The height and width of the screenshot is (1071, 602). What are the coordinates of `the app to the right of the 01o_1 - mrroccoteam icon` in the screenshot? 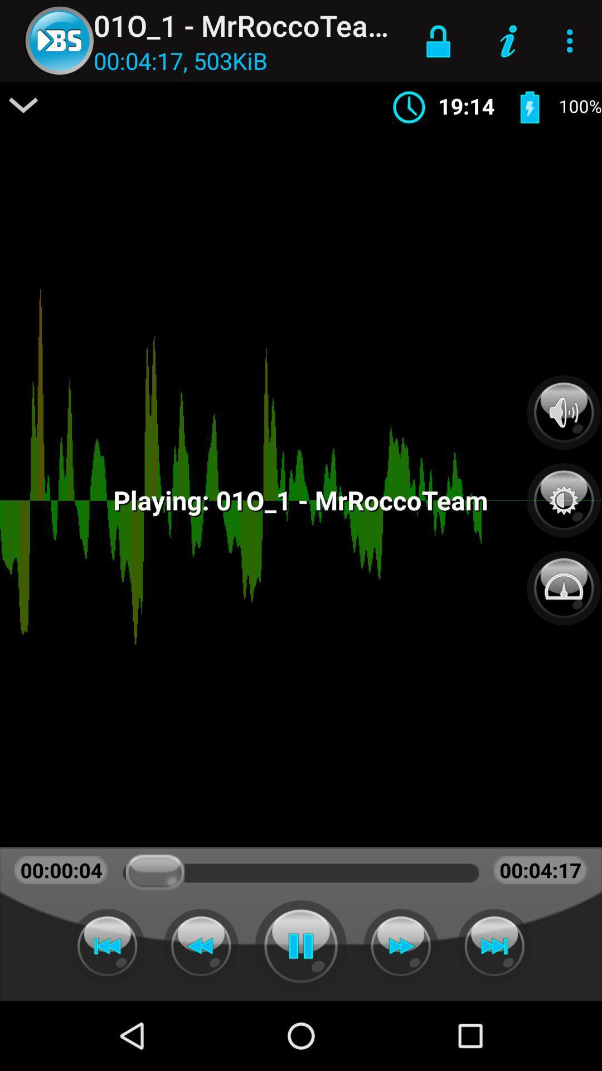 It's located at (438, 41).